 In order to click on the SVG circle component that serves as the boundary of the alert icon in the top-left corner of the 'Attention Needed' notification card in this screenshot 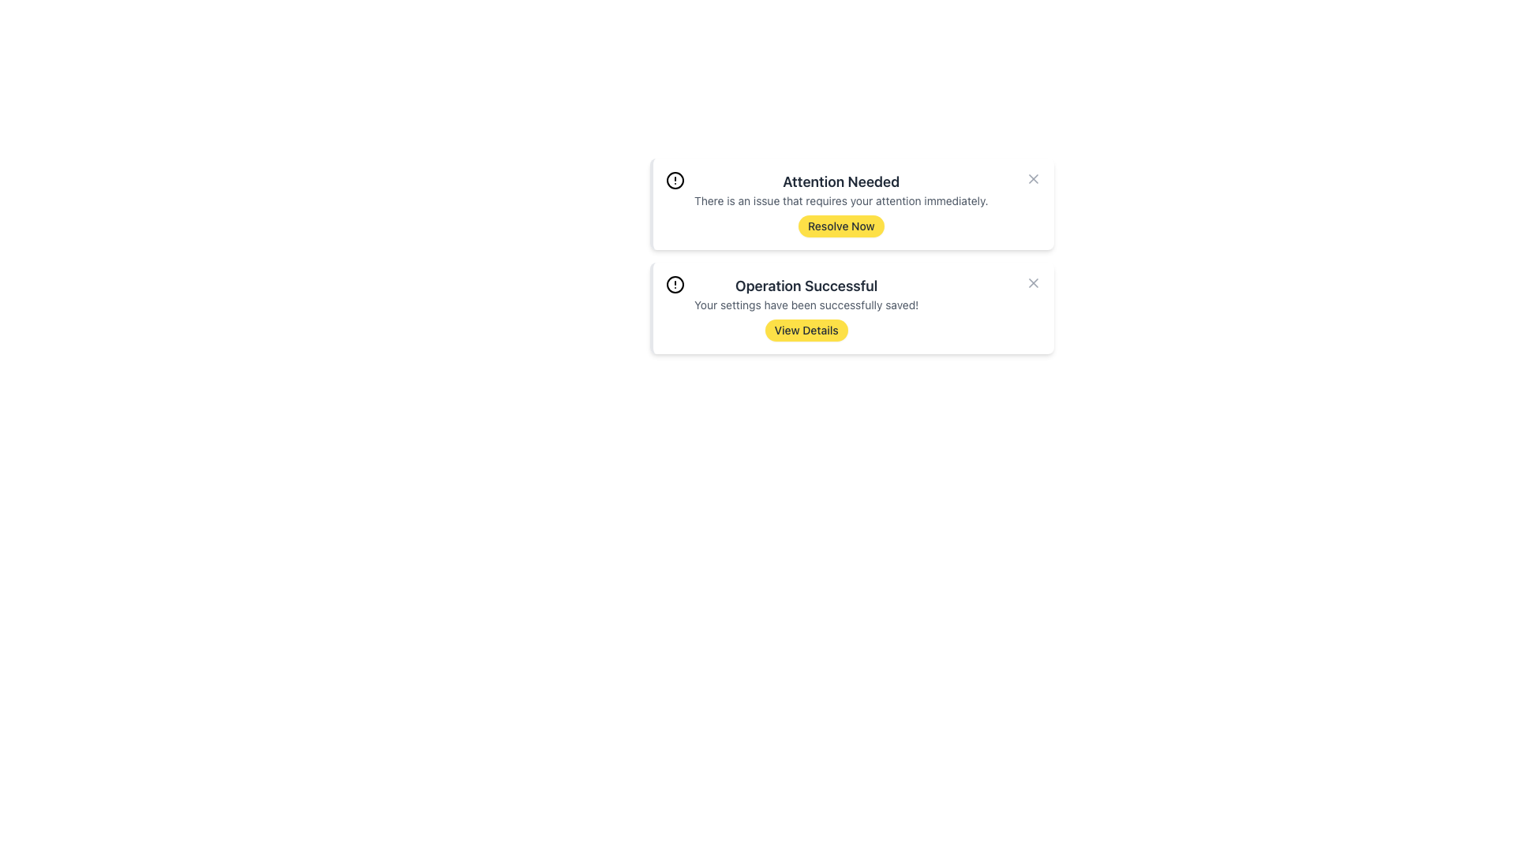, I will do `click(675, 179)`.